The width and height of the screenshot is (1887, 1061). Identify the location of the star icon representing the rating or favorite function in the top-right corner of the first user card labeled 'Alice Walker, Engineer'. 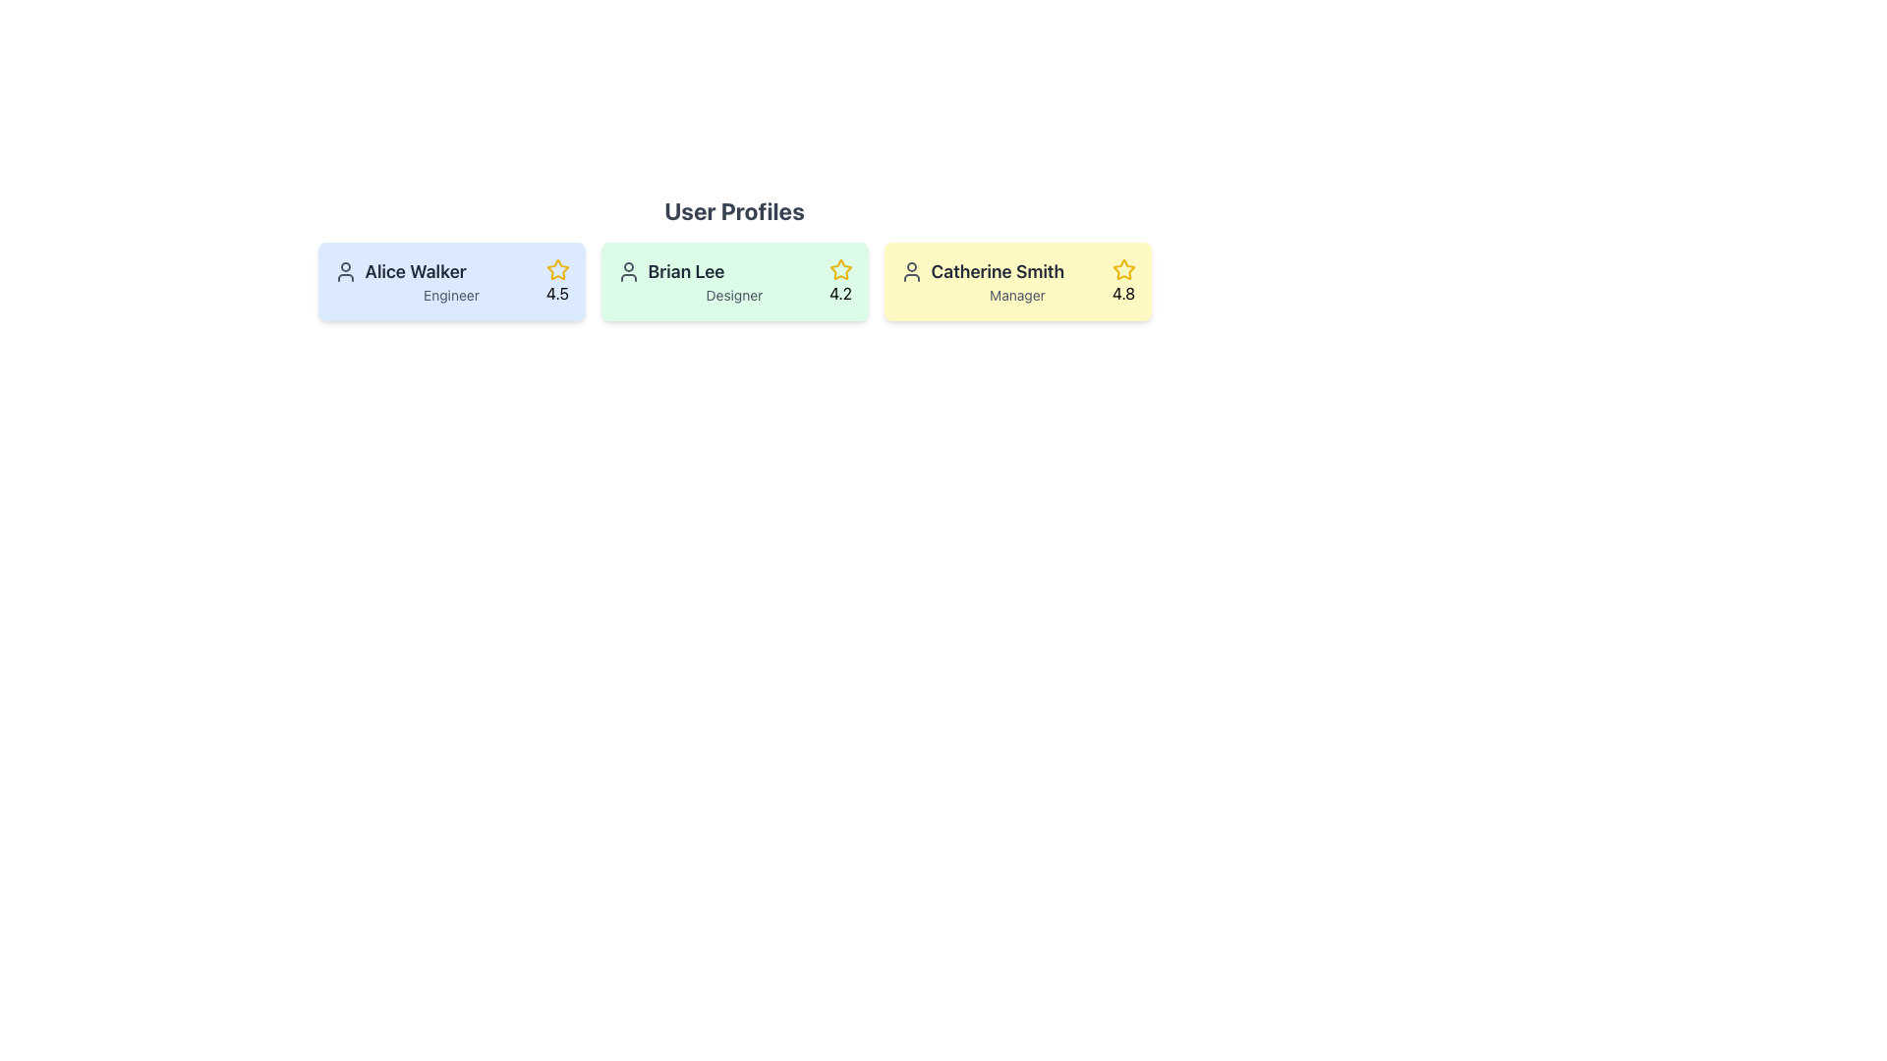
(556, 269).